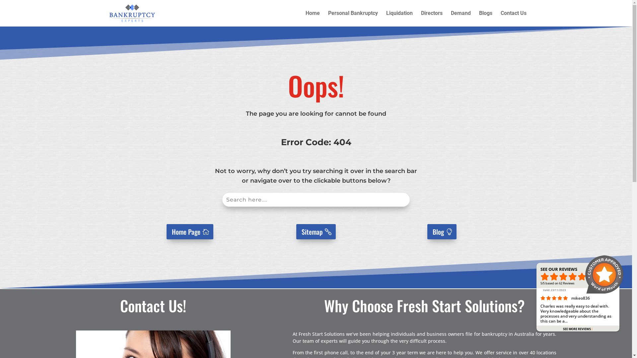  What do you see at coordinates (399, 18) in the screenshot?
I see `'Liquidation'` at bounding box center [399, 18].